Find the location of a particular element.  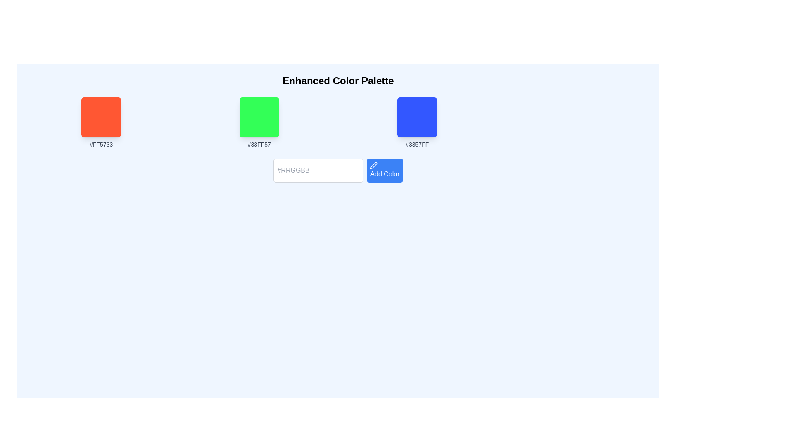

the green color swatch element (#33FF57) located in the color palette interface is located at coordinates (259, 117).